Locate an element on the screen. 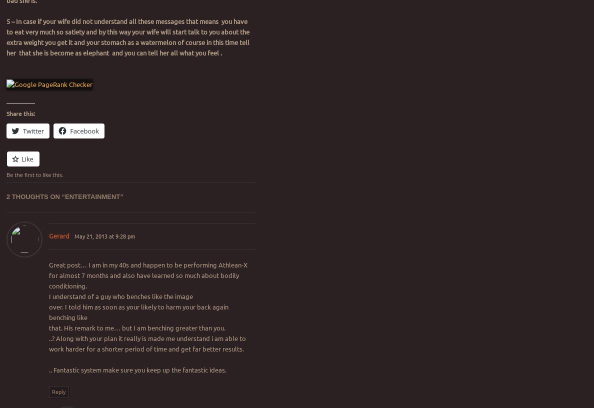 This screenshot has width=594, height=408. 'I understand of a guy who benches like the image' is located at coordinates (120, 295).